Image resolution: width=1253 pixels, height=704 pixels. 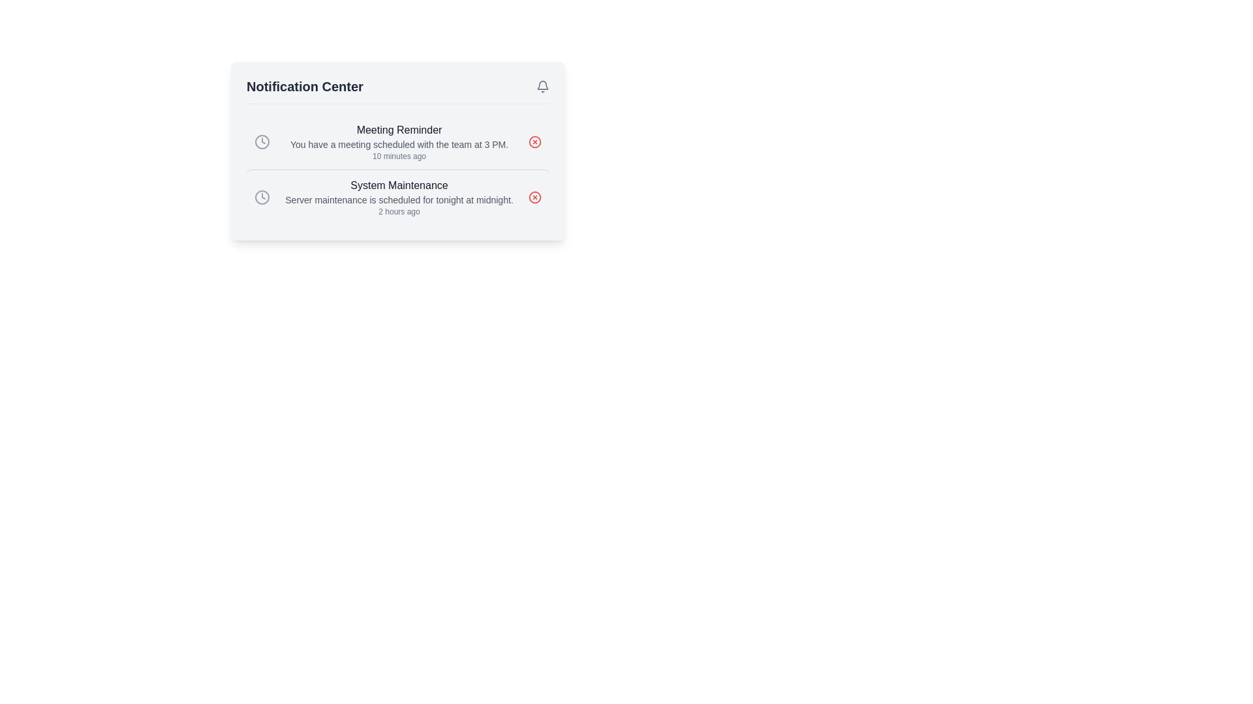 I want to click on the notification with the title 'System Maintenance' for further actions, so click(x=397, y=197).